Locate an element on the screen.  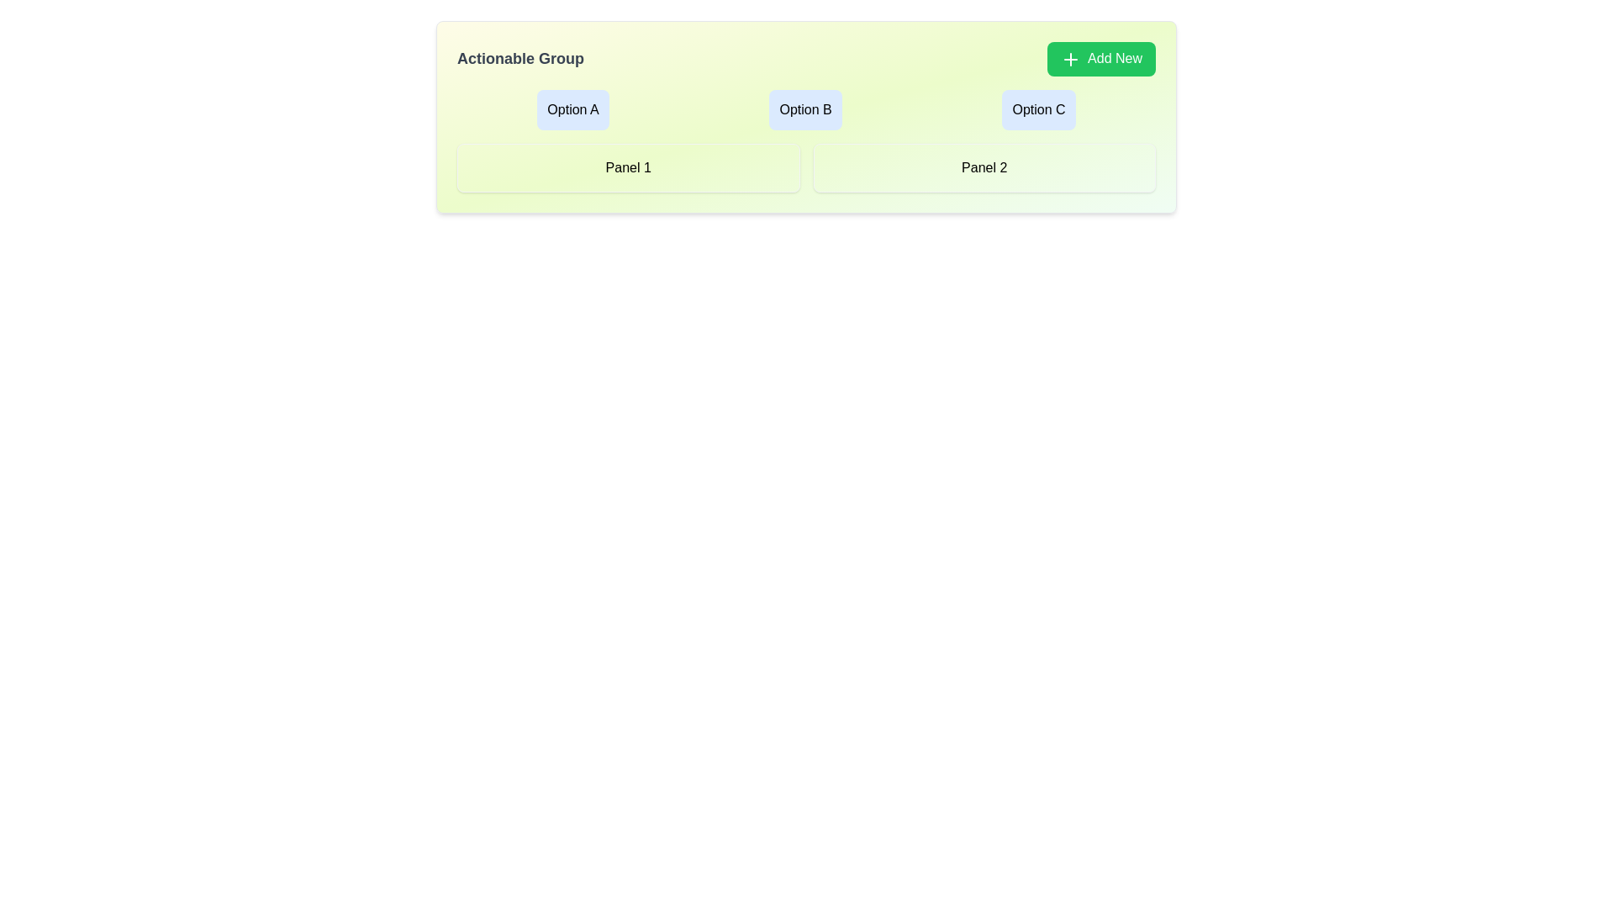
the Decorative Icon located to the left of the 'Add New' button in the top-right region of the interface is located at coordinates (1070, 58).